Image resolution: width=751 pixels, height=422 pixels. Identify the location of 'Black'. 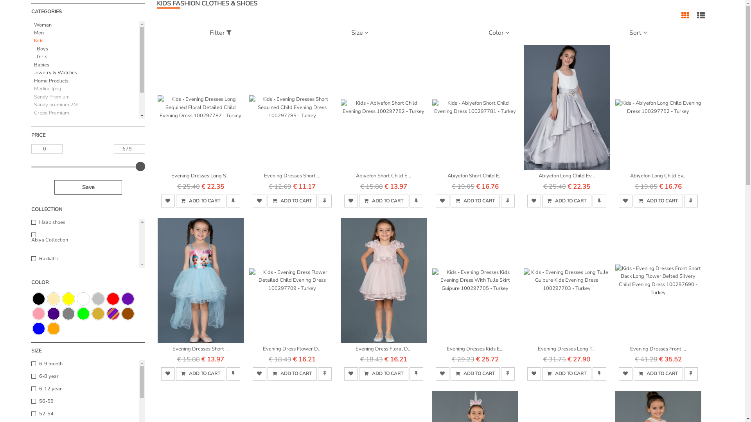
(38, 299).